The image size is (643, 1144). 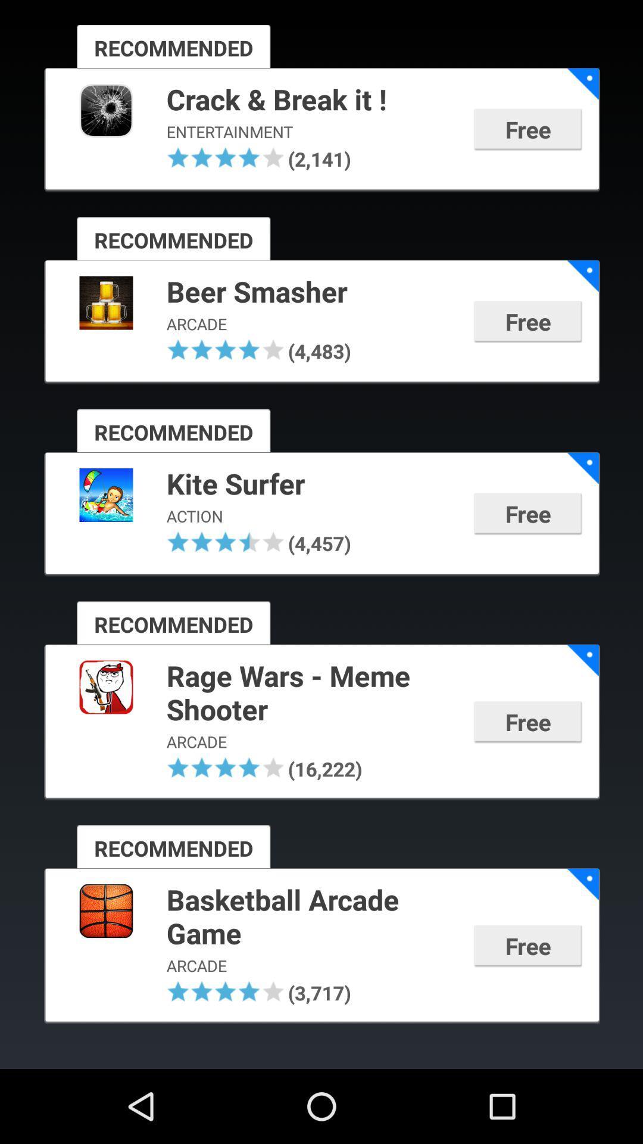 What do you see at coordinates (201, 349) in the screenshot?
I see `item above the recommended icon` at bounding box center [201, 349].